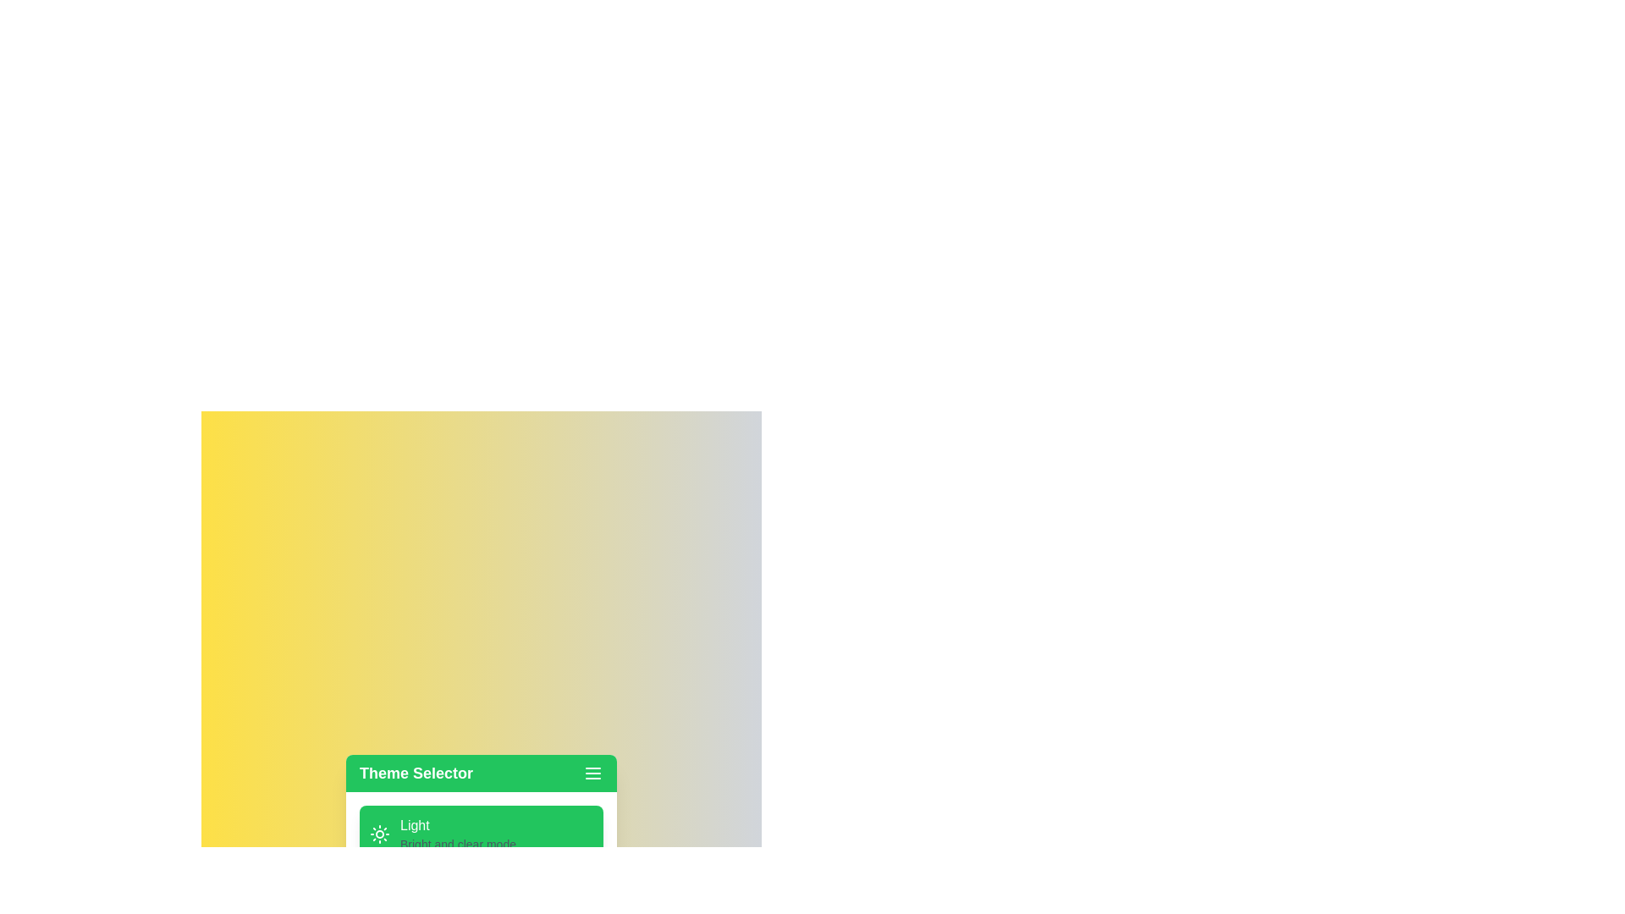 This screenshot has height=914, width=1625. I want to click on the menu button located in the header of the component, so click(592, 774).